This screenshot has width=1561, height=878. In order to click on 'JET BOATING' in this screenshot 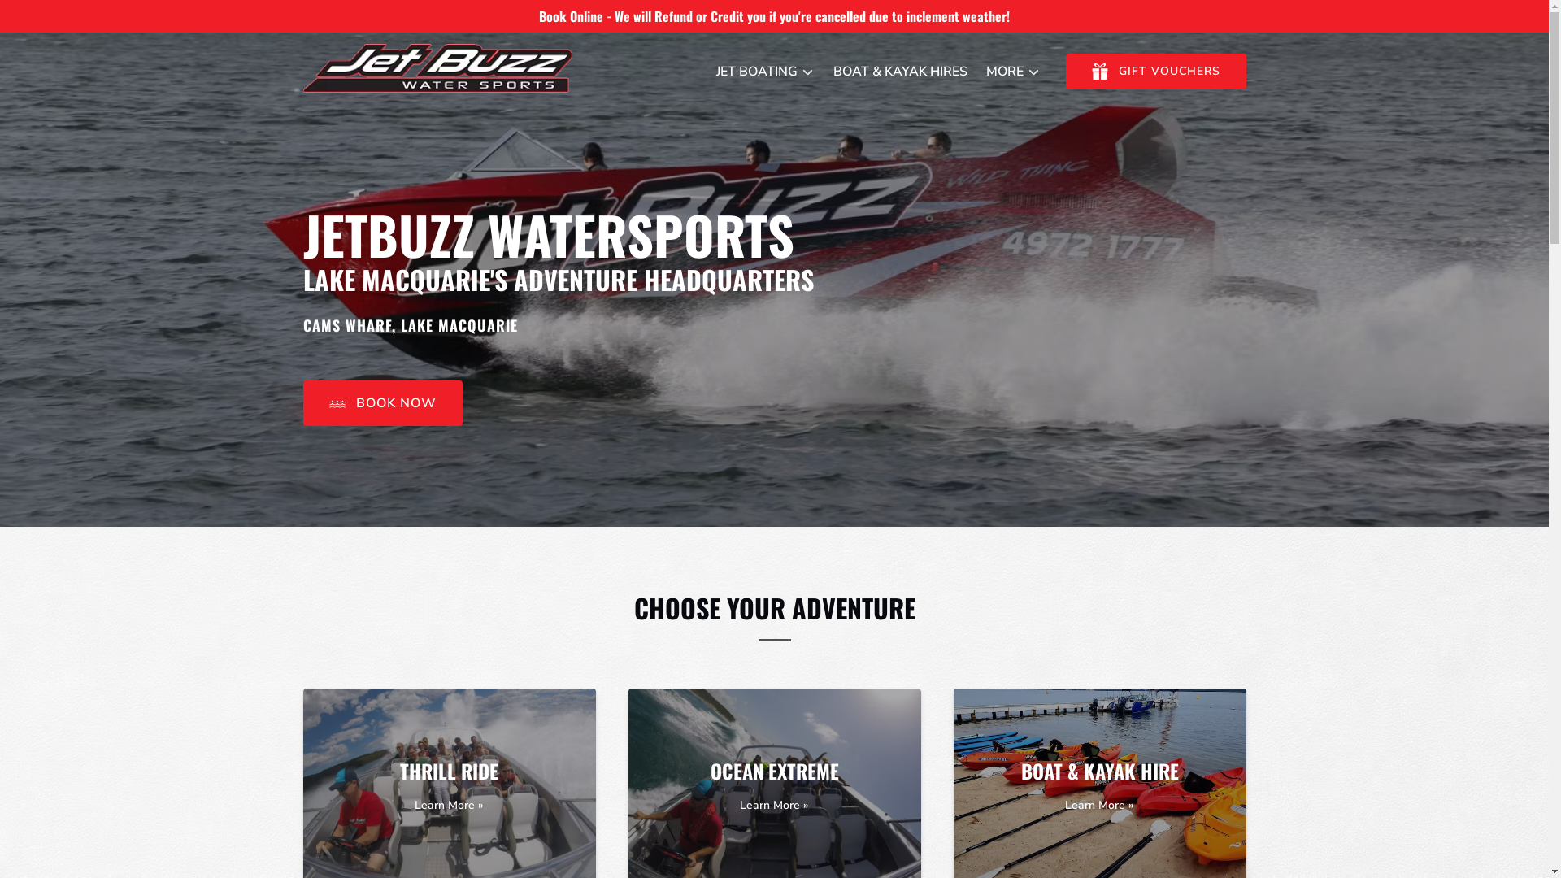, I will do `click(763, 71)`.